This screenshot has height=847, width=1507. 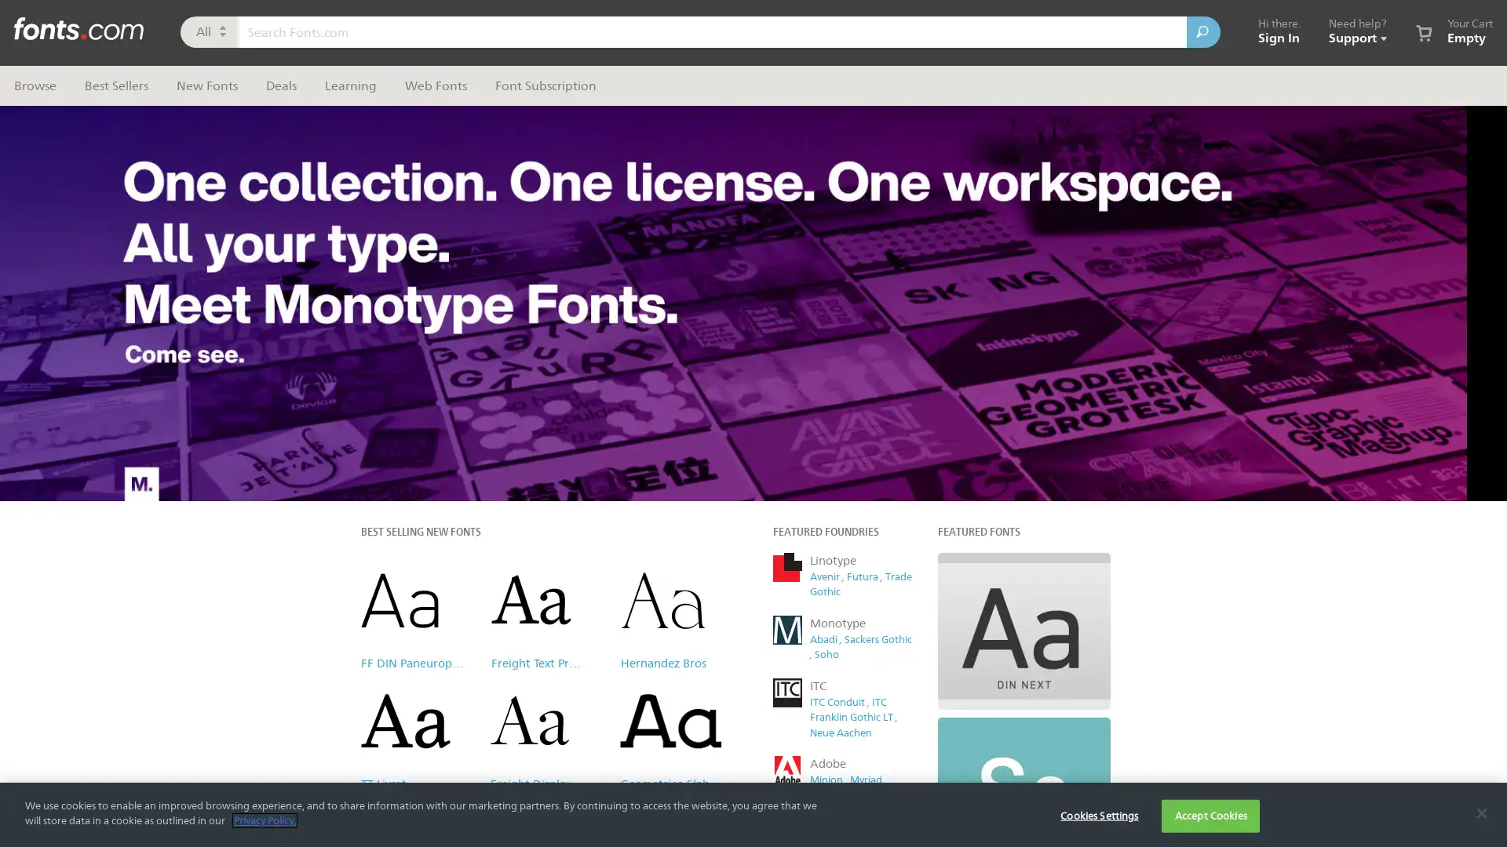 What do you see at coordinates (1202, 32) in the screenshot?
I see `Search` at bounding box center [1202, 32].